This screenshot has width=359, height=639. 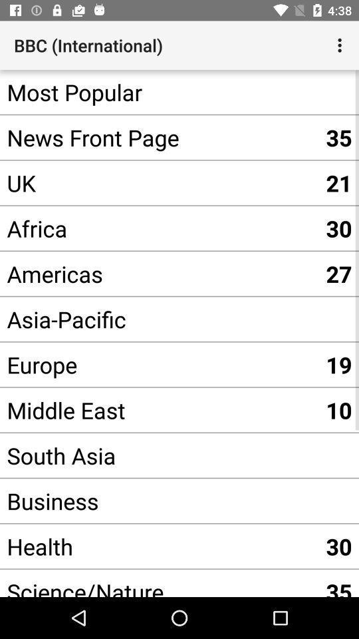 What do you see at coordinates (341, 45) in the screenshot?
I see `the icon above 35 icon` at bounding box center [341, 45].